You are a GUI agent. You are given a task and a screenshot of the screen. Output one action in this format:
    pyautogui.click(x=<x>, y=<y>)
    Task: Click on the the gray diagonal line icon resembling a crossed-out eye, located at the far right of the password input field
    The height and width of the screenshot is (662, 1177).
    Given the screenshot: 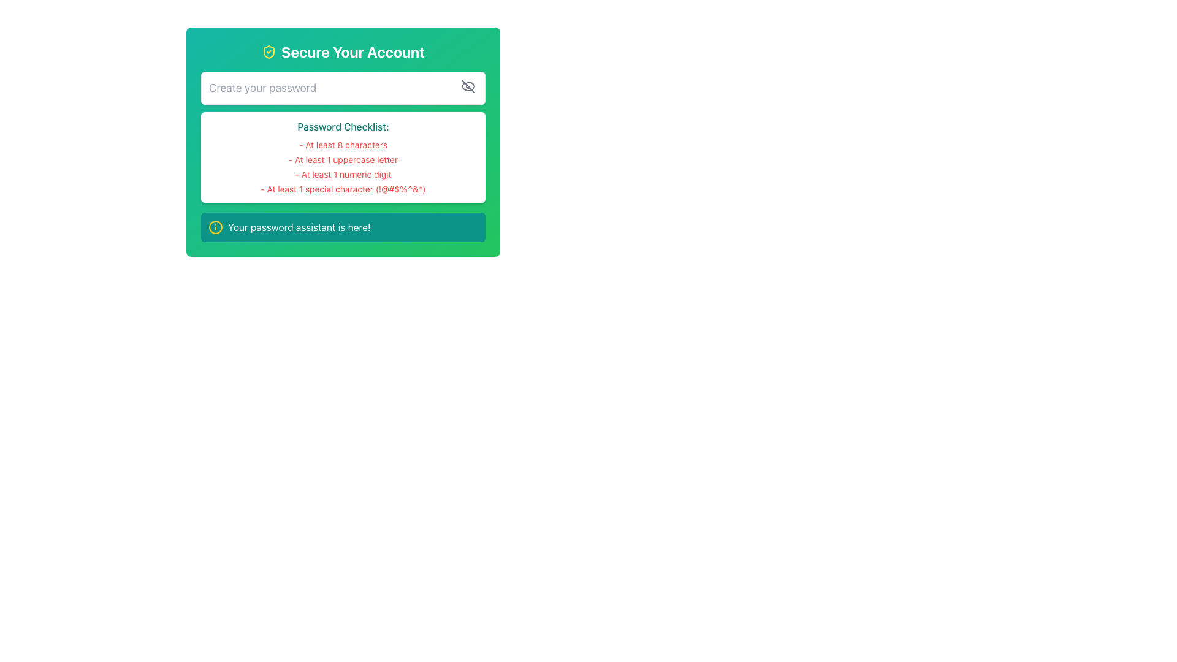 What is the action you would take?
    pyautogui.click(x=467, y=86)
    